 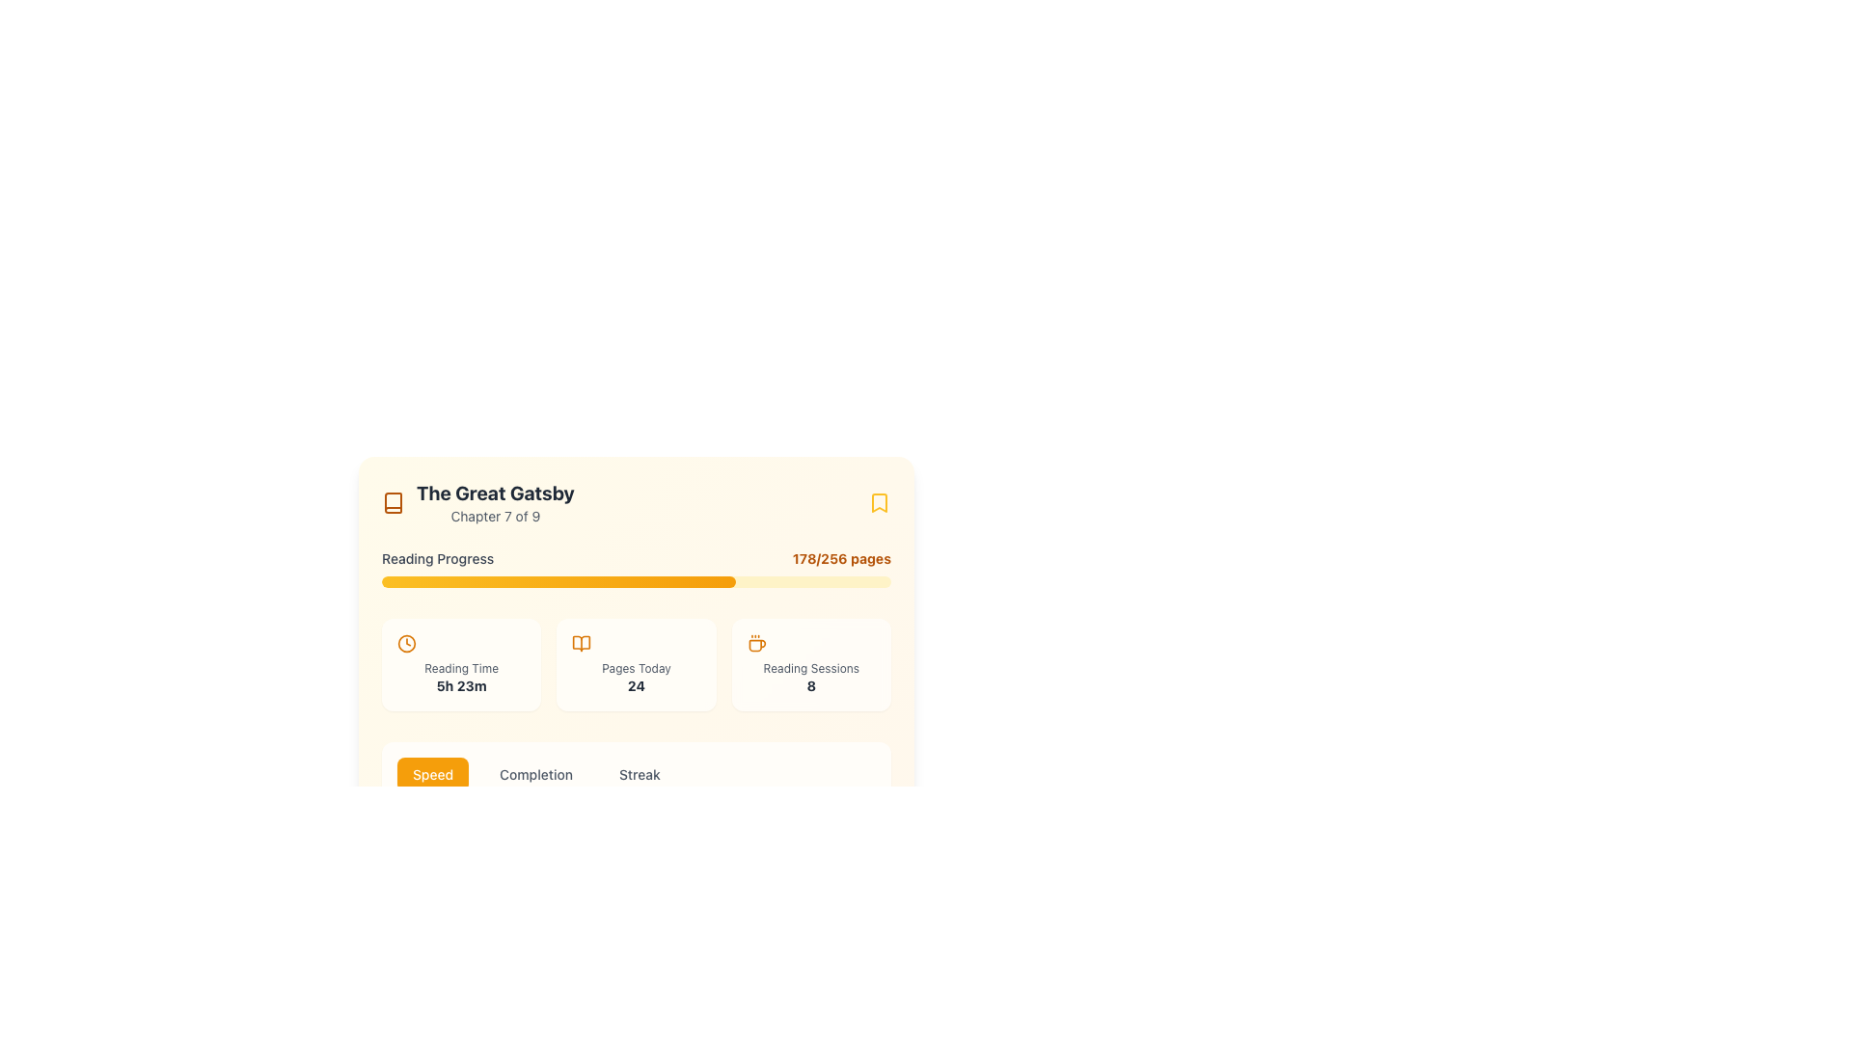 I want to click on the text label that describes the numeric value indicating the count of pages read today, positioned above the numeric value '24' in the middle panel of the 'Today's Pages' statistics, so click(x=636, y=668).